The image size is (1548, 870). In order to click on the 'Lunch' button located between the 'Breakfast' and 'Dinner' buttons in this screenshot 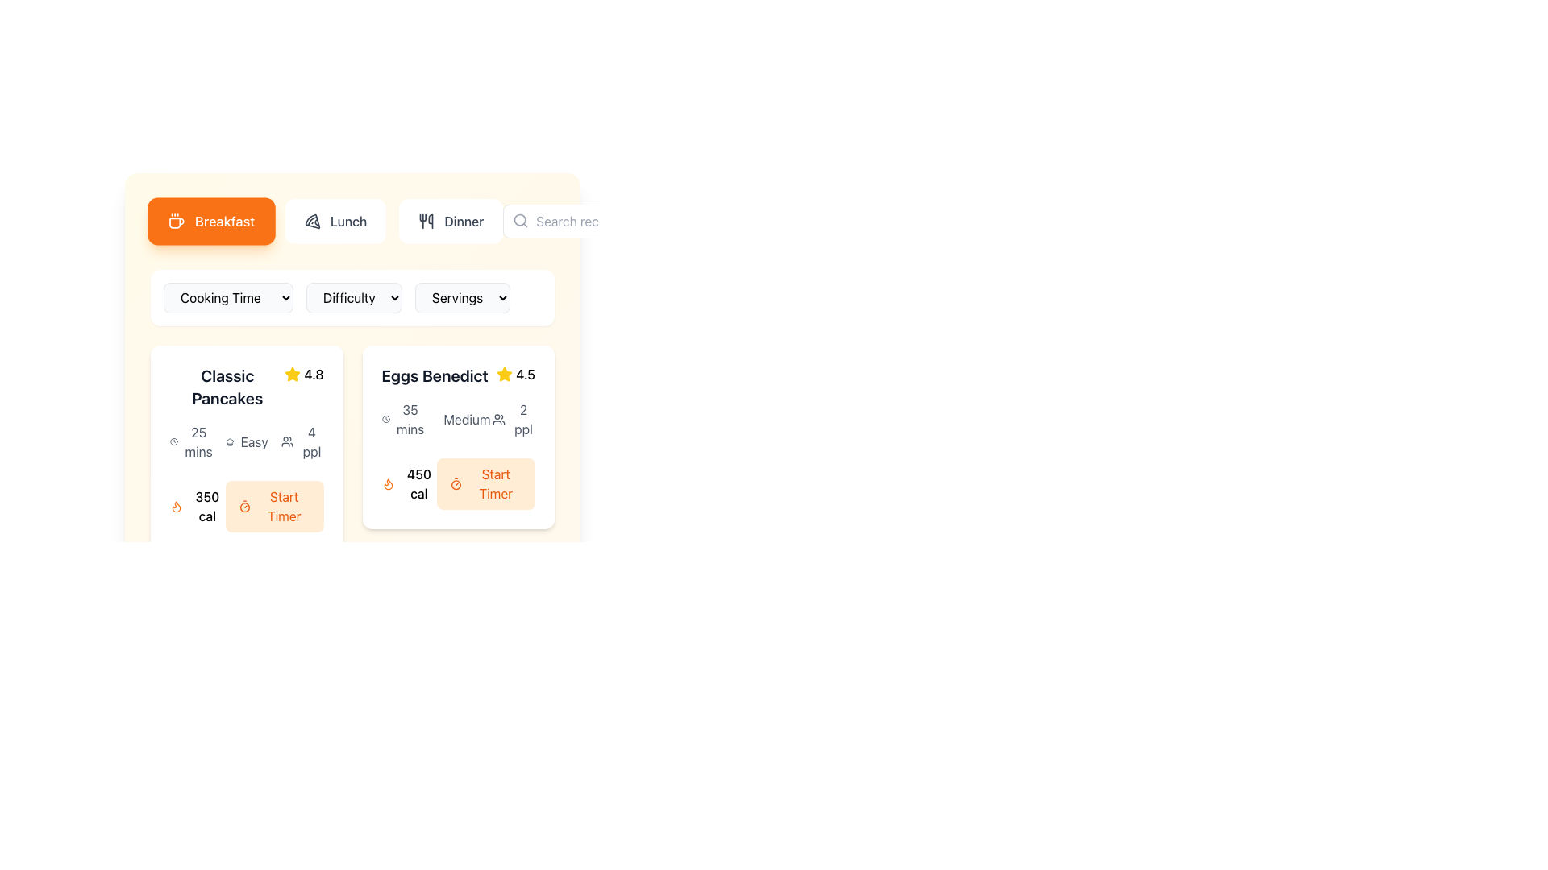, I will do `click(352, 221)`.